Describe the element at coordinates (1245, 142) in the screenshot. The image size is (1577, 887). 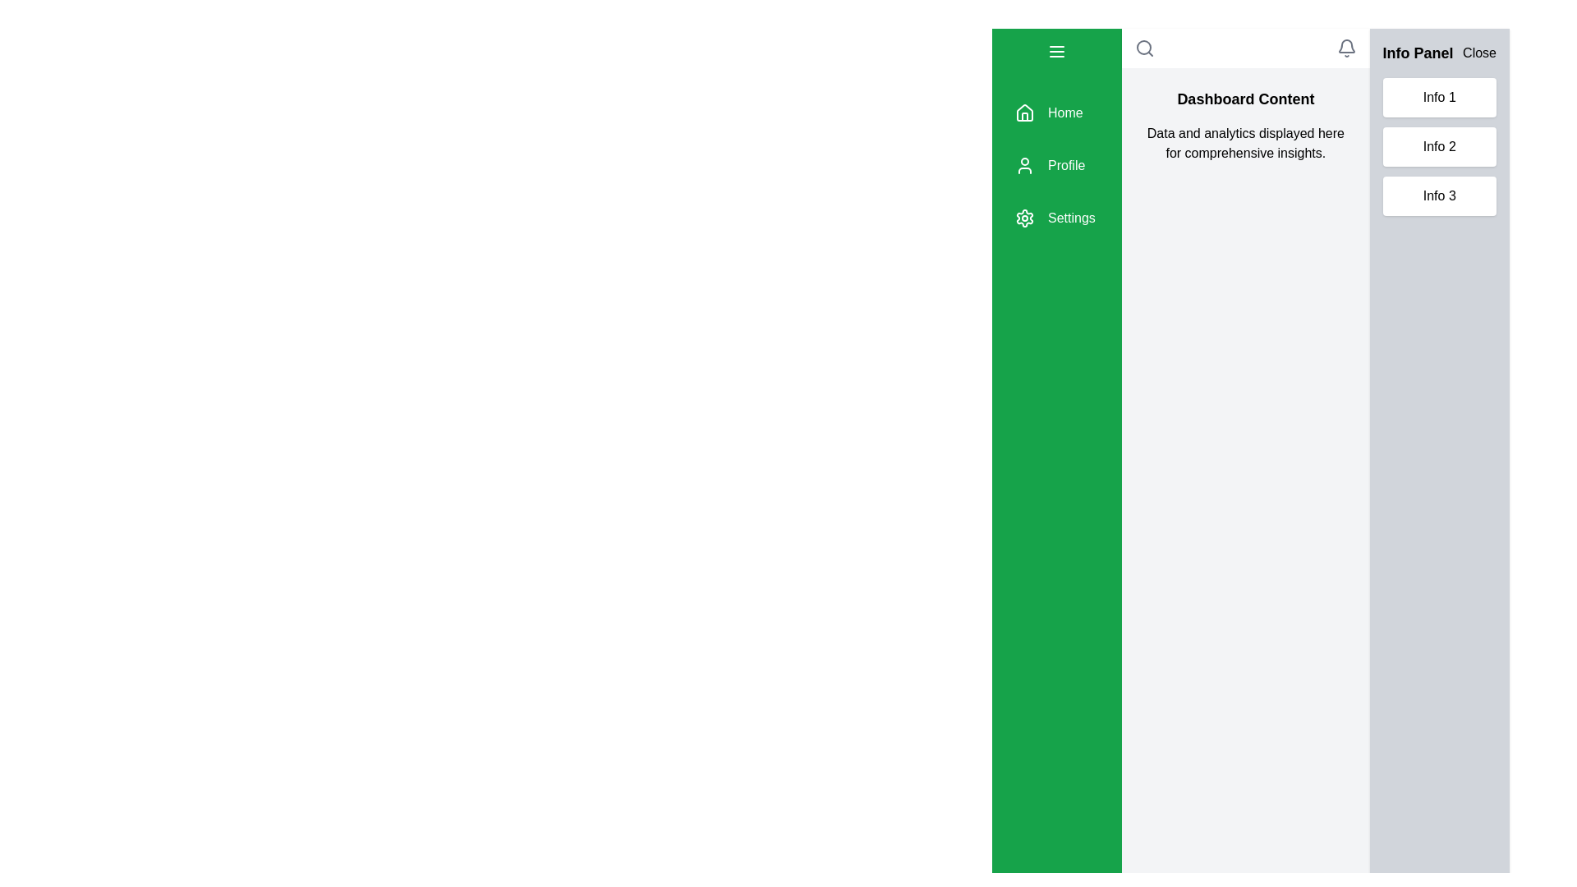
I see `the static text label located below the 'Dashboard Content' heading in the main content area of the dashboard interface` at that location.